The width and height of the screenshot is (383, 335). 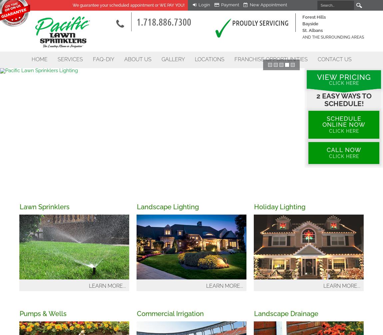 I want to click on 'Gallery', so click(x=173, y=59).